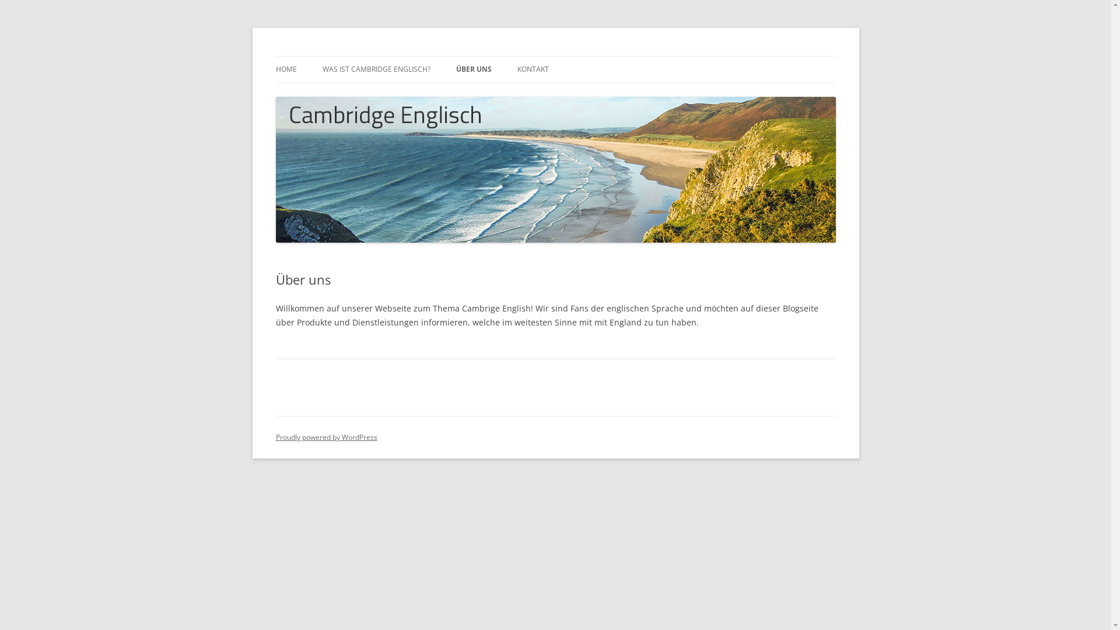  I want to click on 'Skip to content', so click(555, 56).